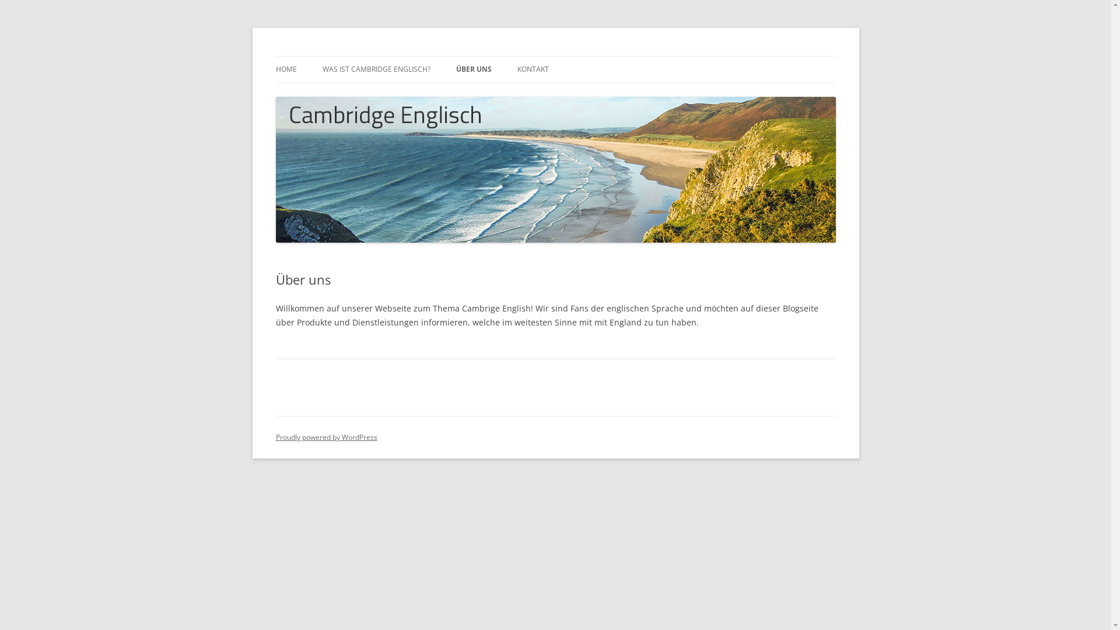  I want to click on 'Skip to content', so click(555, 56).